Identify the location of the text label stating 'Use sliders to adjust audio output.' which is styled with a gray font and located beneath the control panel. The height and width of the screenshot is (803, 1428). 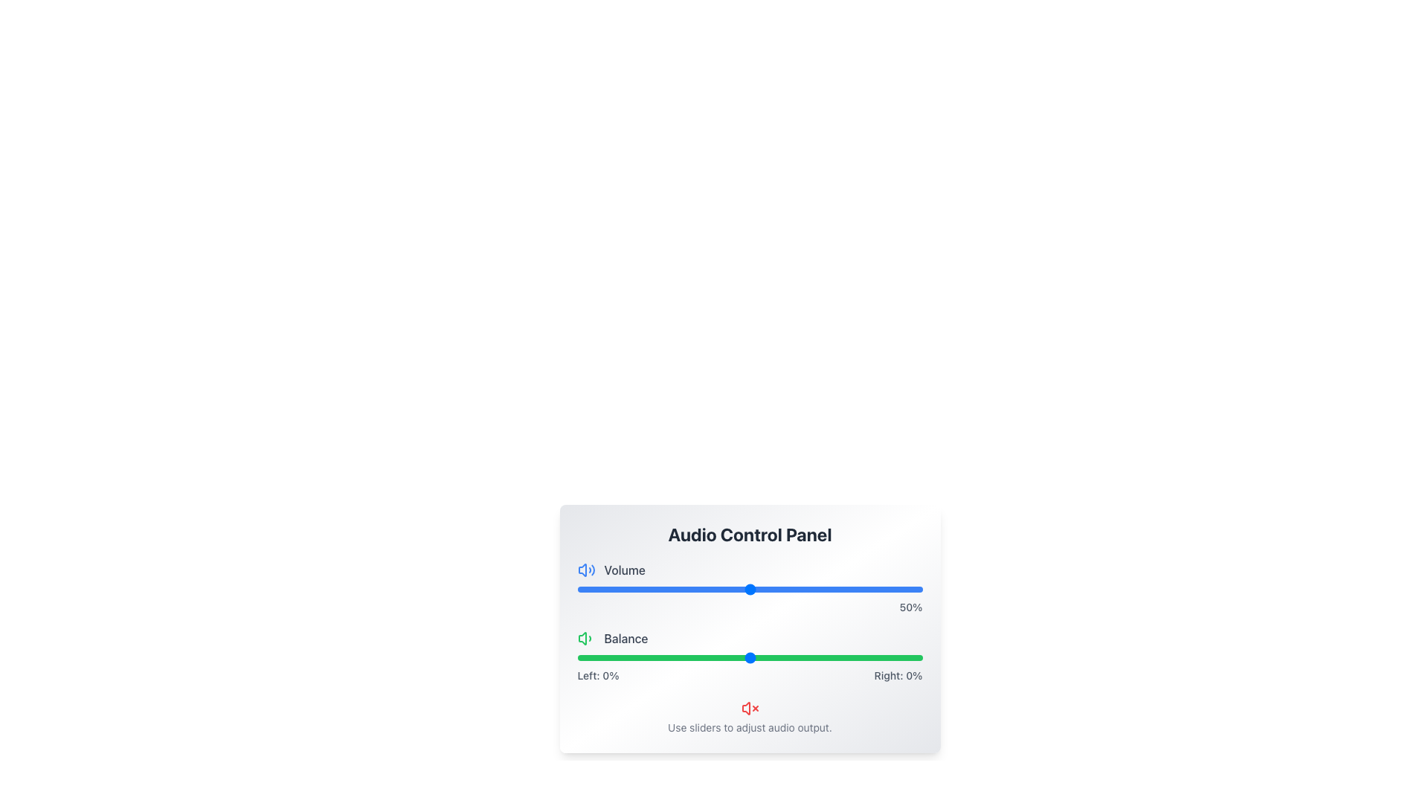
(750, 726).